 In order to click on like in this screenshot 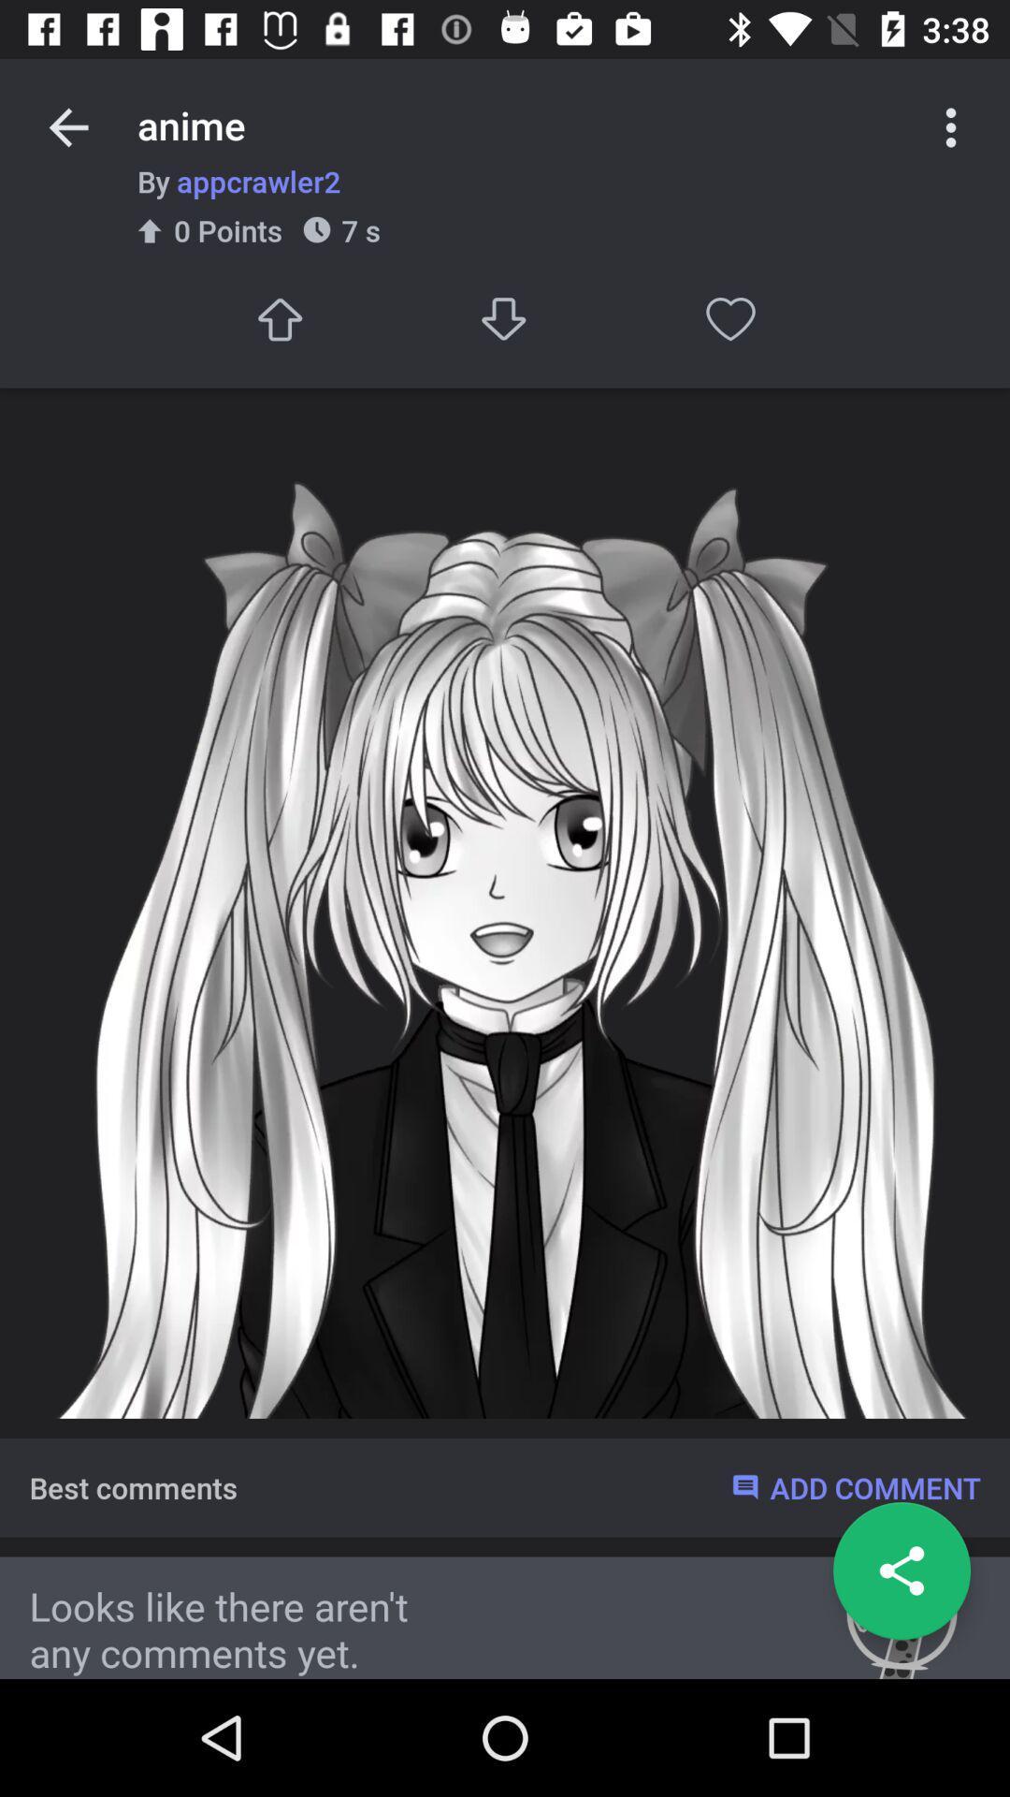, I will do `click(729, 319)`.